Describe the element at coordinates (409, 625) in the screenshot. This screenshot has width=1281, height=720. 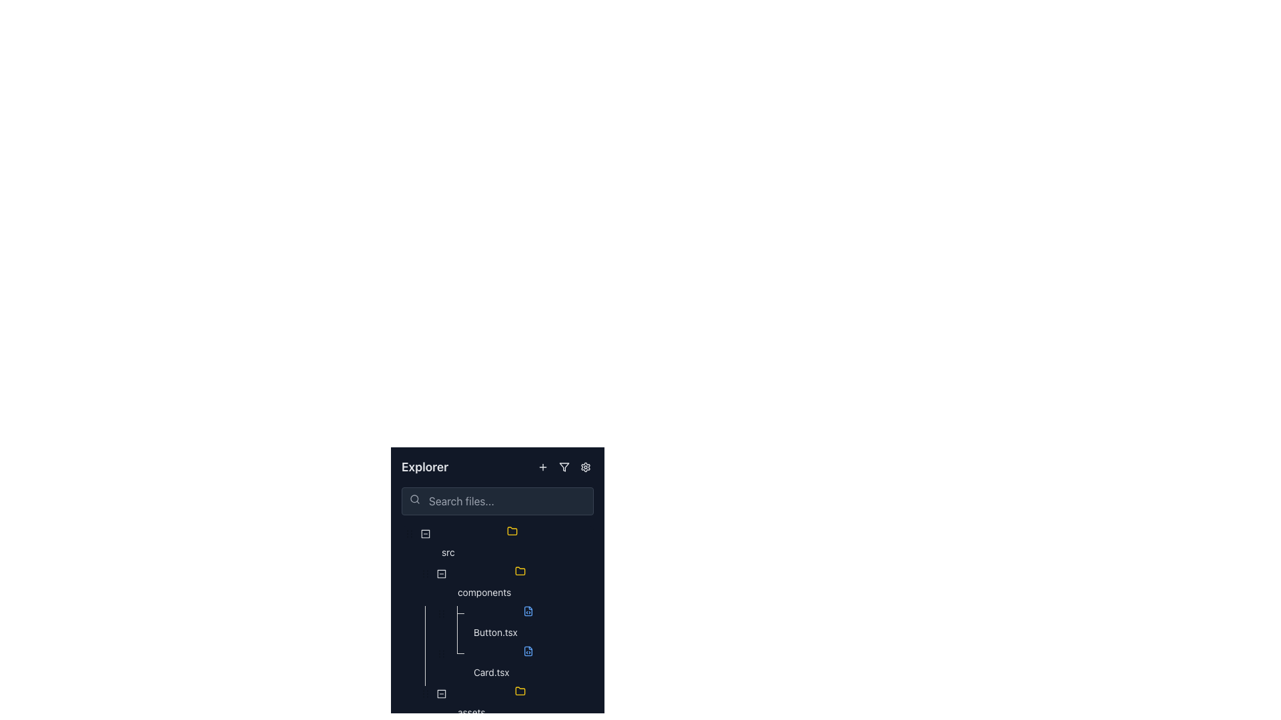
I see `the small circular graphical indicator that represents a tree indentation unit within the Explorer section of the interface` at that location.